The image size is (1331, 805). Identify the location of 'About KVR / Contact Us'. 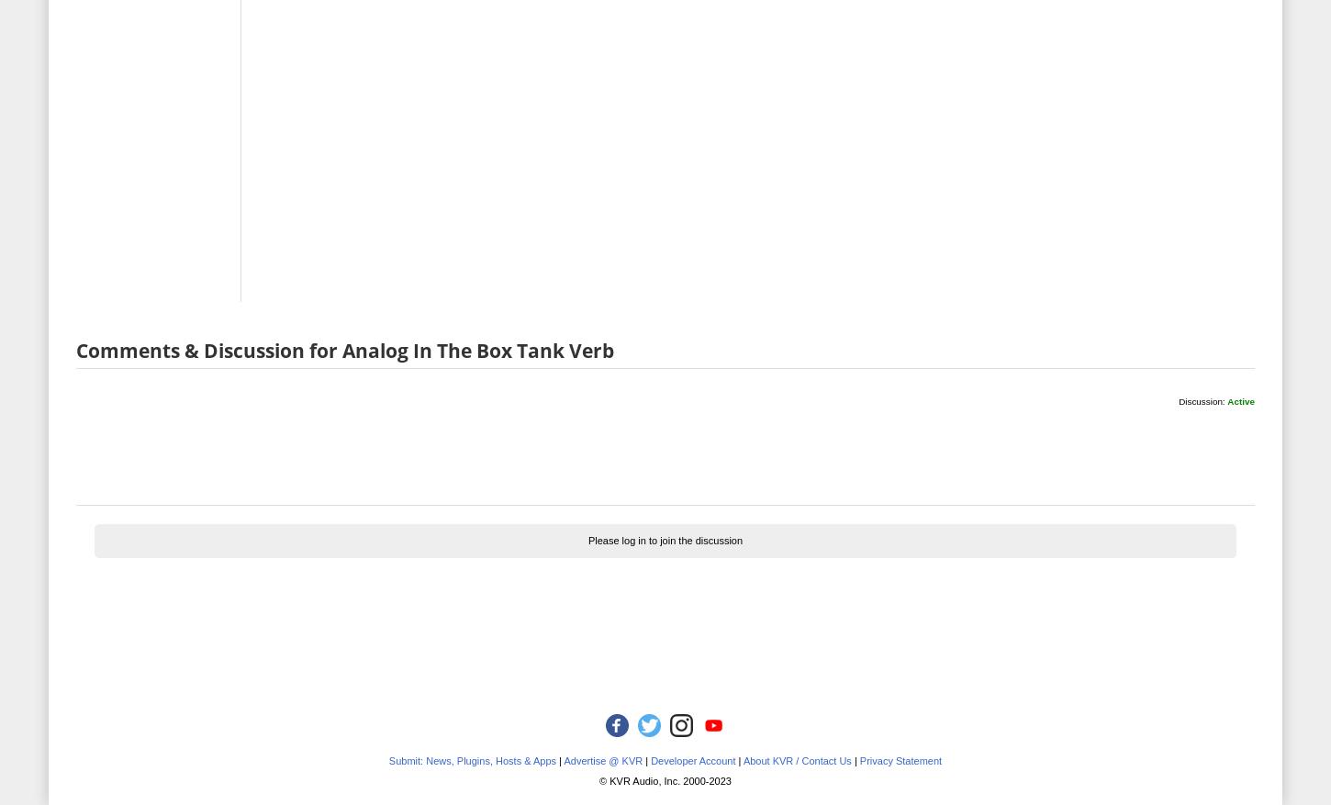
(795, 758).